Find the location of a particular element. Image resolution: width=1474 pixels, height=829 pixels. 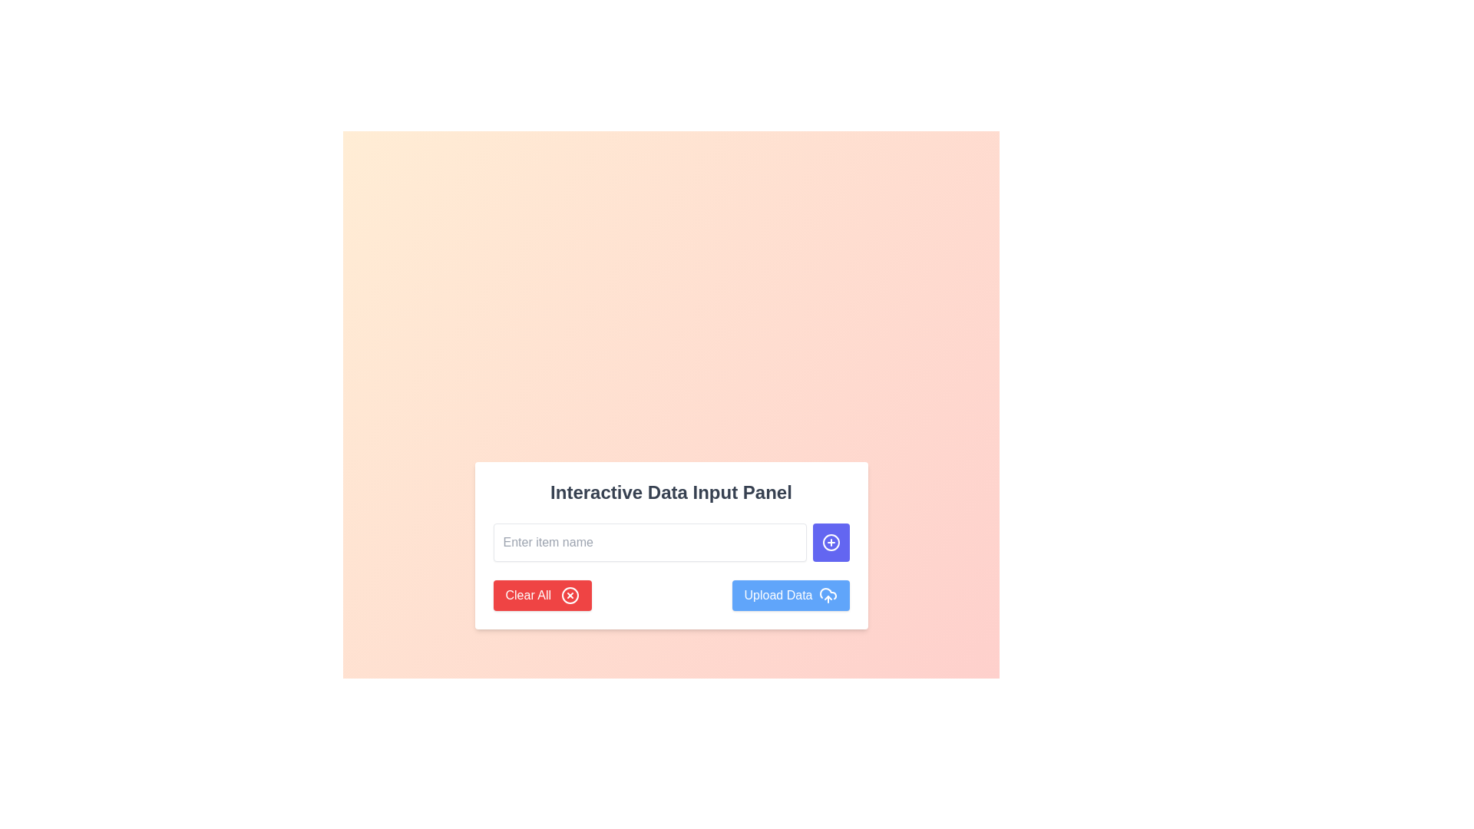

the circular icon on the right side of the 'Clear All' button is located at coordinates (569, 595).